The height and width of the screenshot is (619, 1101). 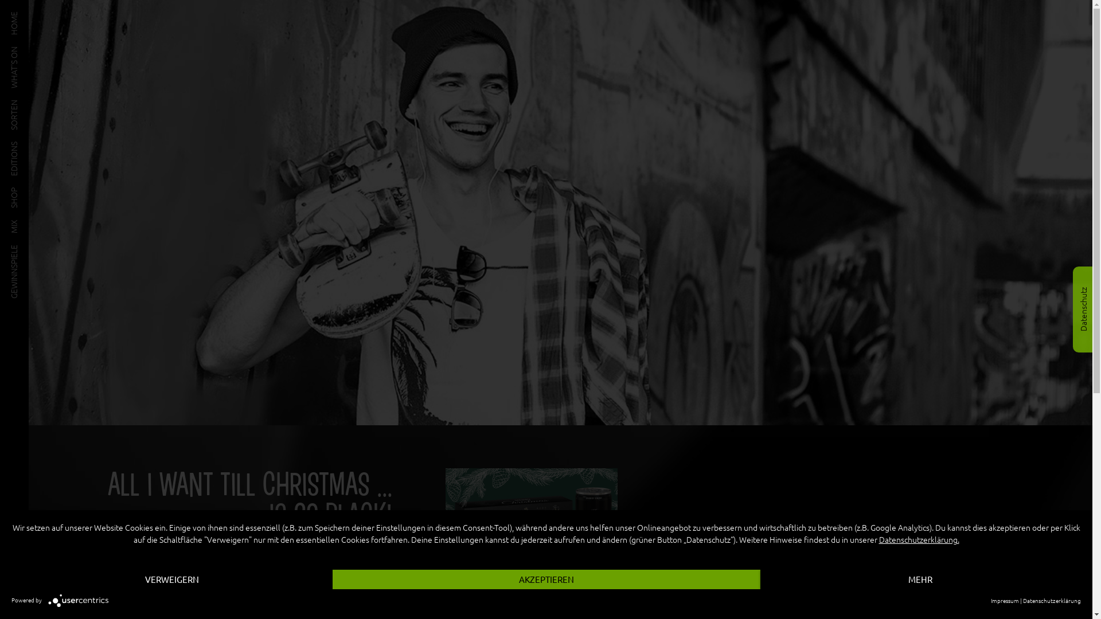 What do you see at coordinates (10, 104) in the screenshot?
I see `'SORTEN'` at bounding box center [10, 104].